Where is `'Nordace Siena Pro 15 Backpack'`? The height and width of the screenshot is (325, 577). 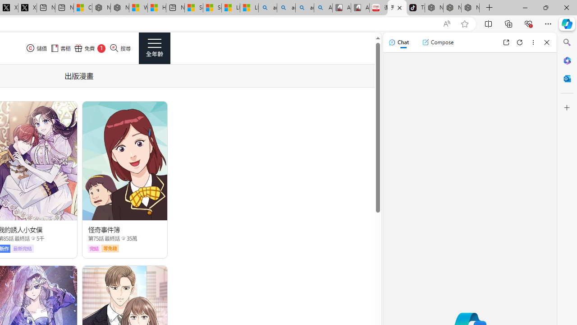 'Nordace Siena Pro 15 Backpack' is located at coordinates (452, 8).